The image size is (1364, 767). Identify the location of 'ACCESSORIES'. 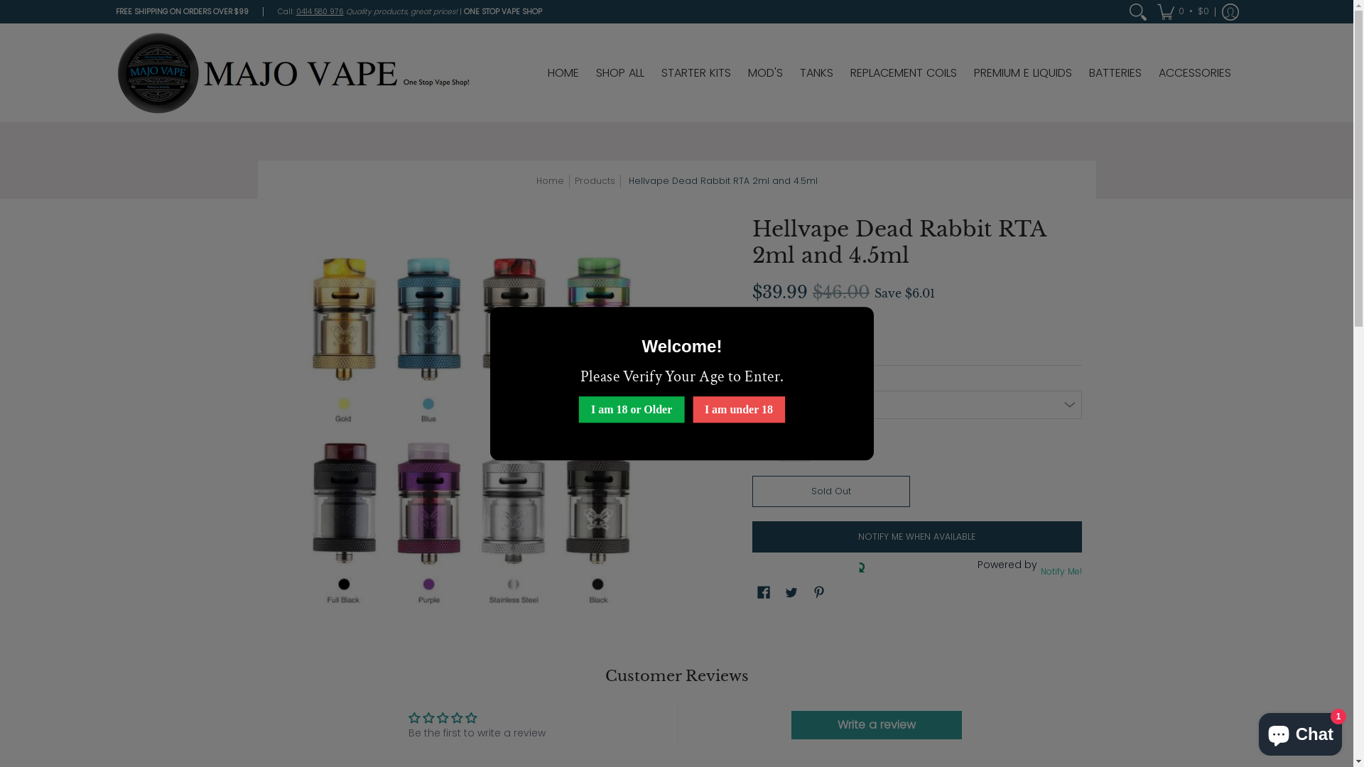
(1193, 72).